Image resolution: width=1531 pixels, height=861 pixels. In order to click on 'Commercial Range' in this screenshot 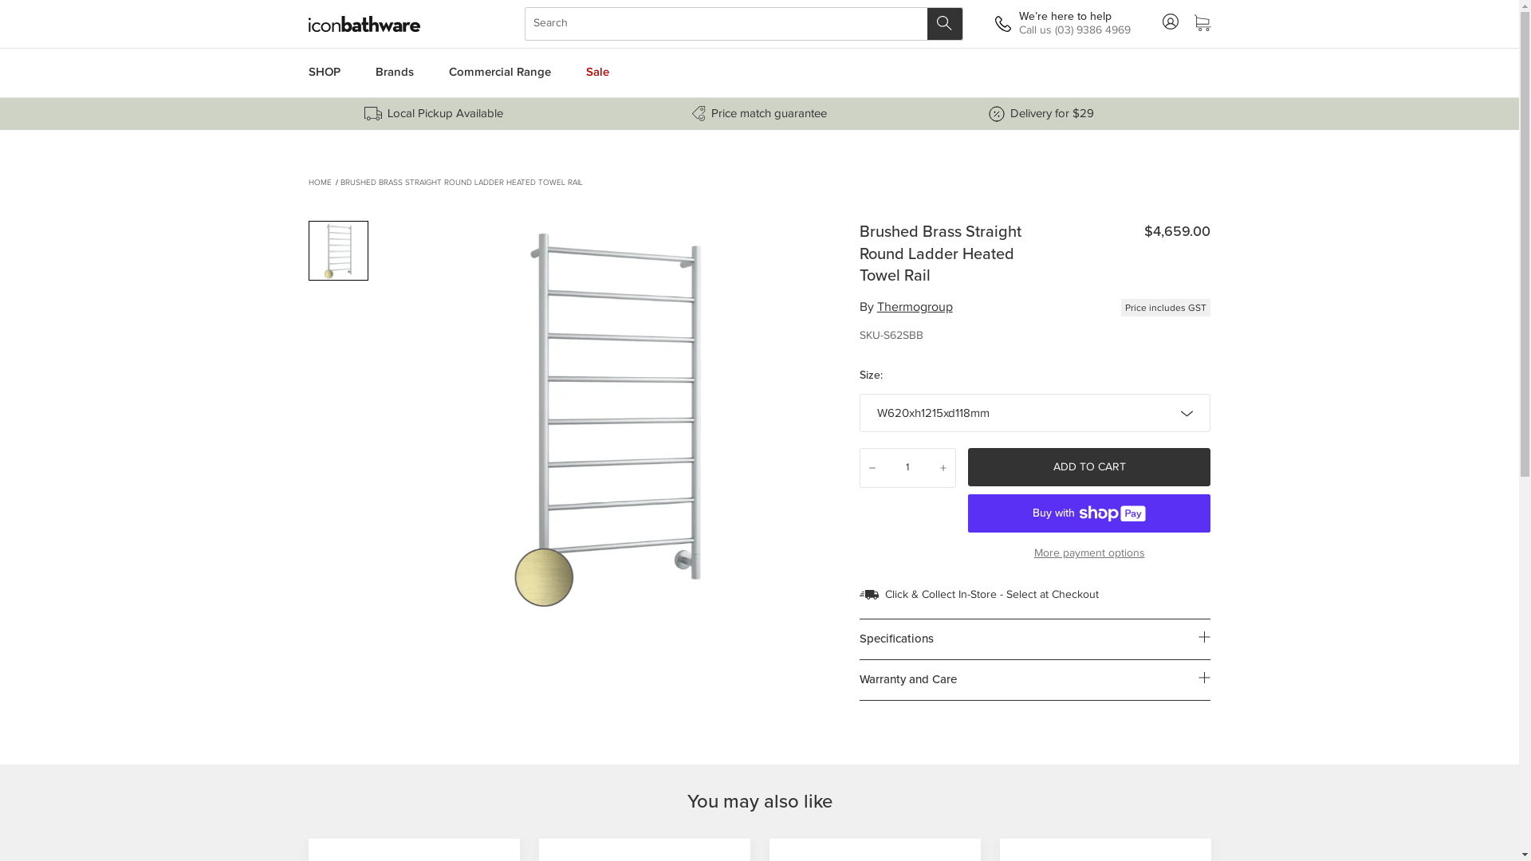, I will do `click(432, 73)`.